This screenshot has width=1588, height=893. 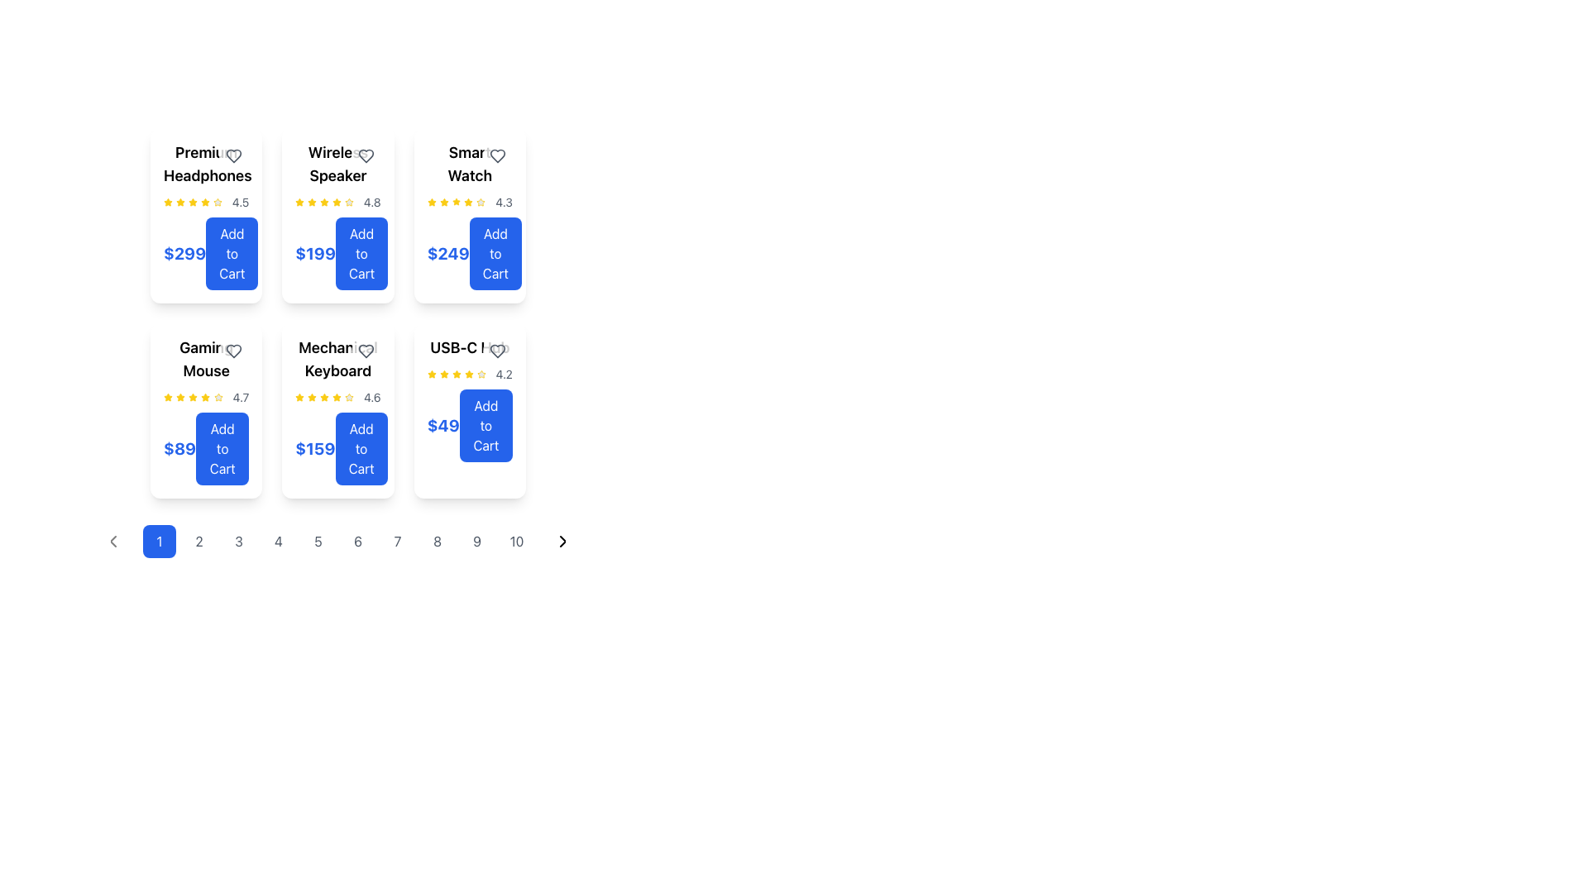 I want to click on the prominent blue rectangular button with rounded corners that reads 'Add to Cart', so click(x=361, y=449).